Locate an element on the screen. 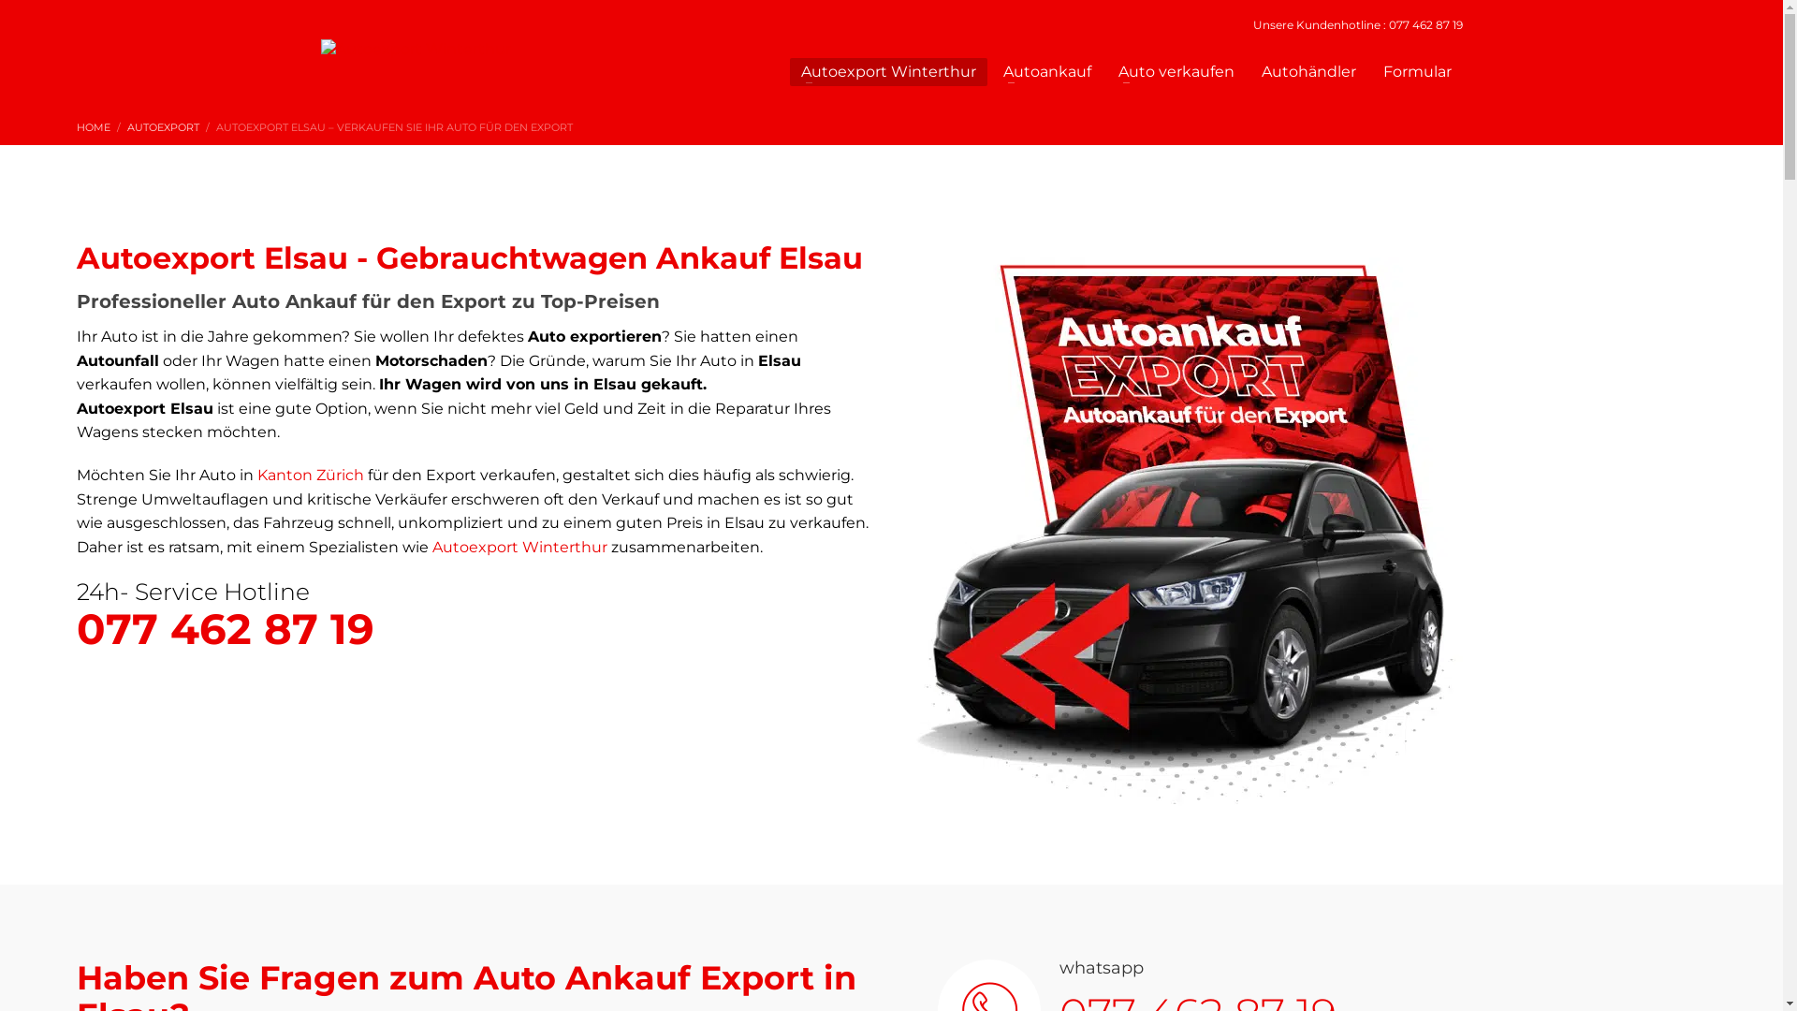 The image size is (1797, 1011). 'Formular' is located at coordinates (1417, 71).